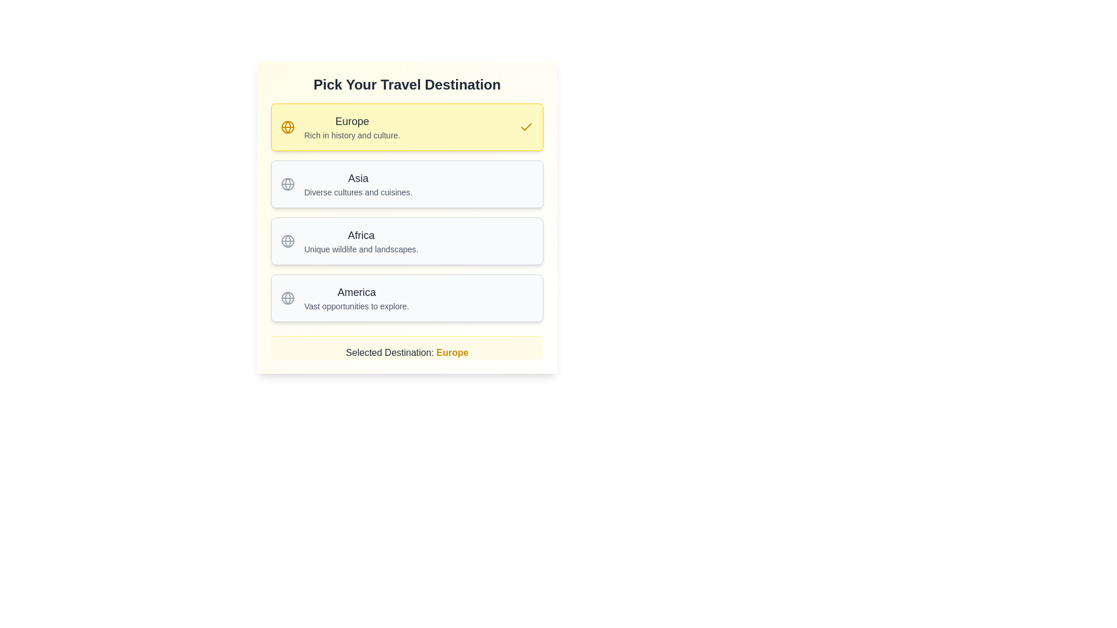 The height and width of the screenshot is (628, 1117). What do you see at coordinates (357, 192) in the screenshot?
I see `the text label displaying 'Diverse cultures and cuisines.' which is located below the bold 'Asia' text` at bounding box center [357, 192].